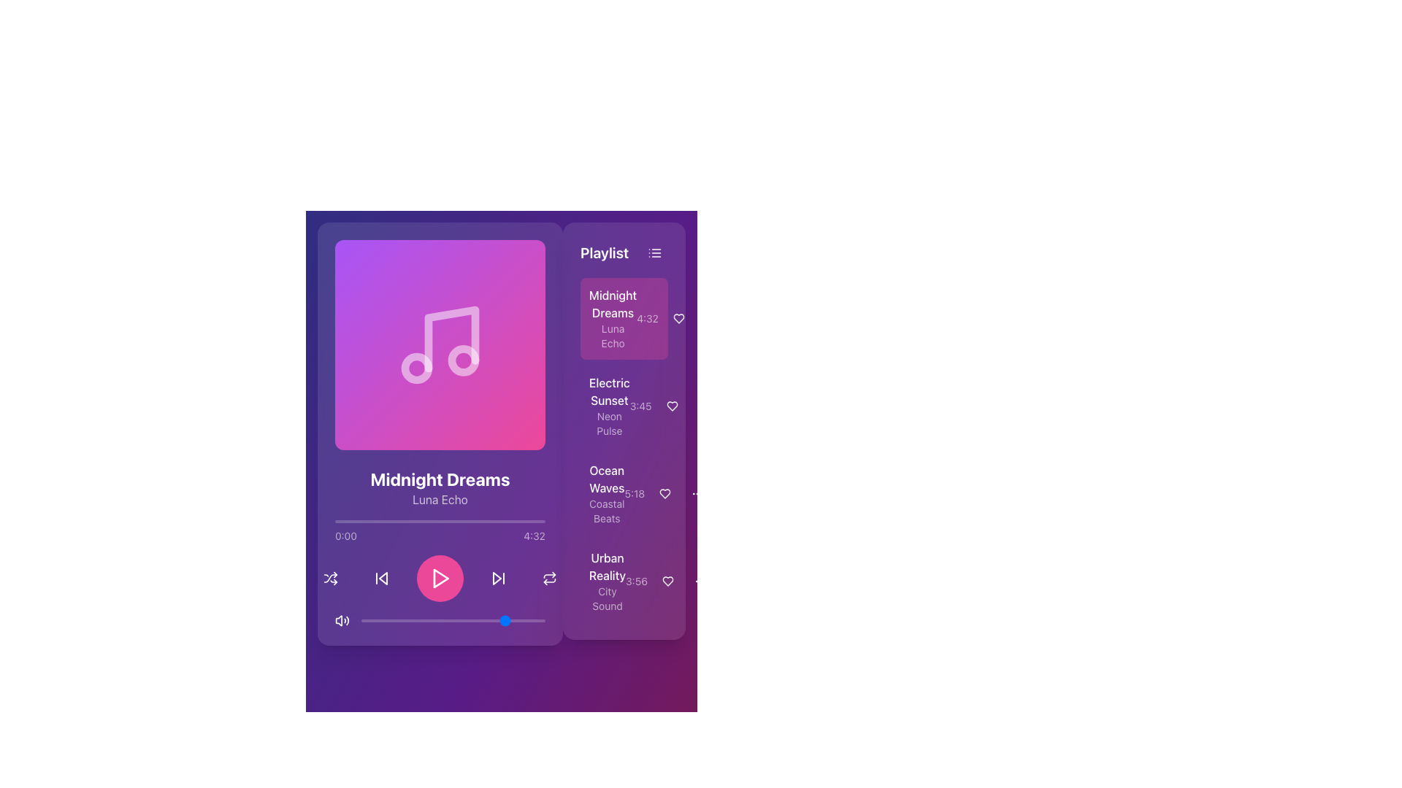 Image resolution: width=1402 pixels, height=788 pixels. I want to click on the static text element displaying '3:45', which is positioned in the top-right corner of the 'Playlist' section and has a purple background, so click(640, 406).